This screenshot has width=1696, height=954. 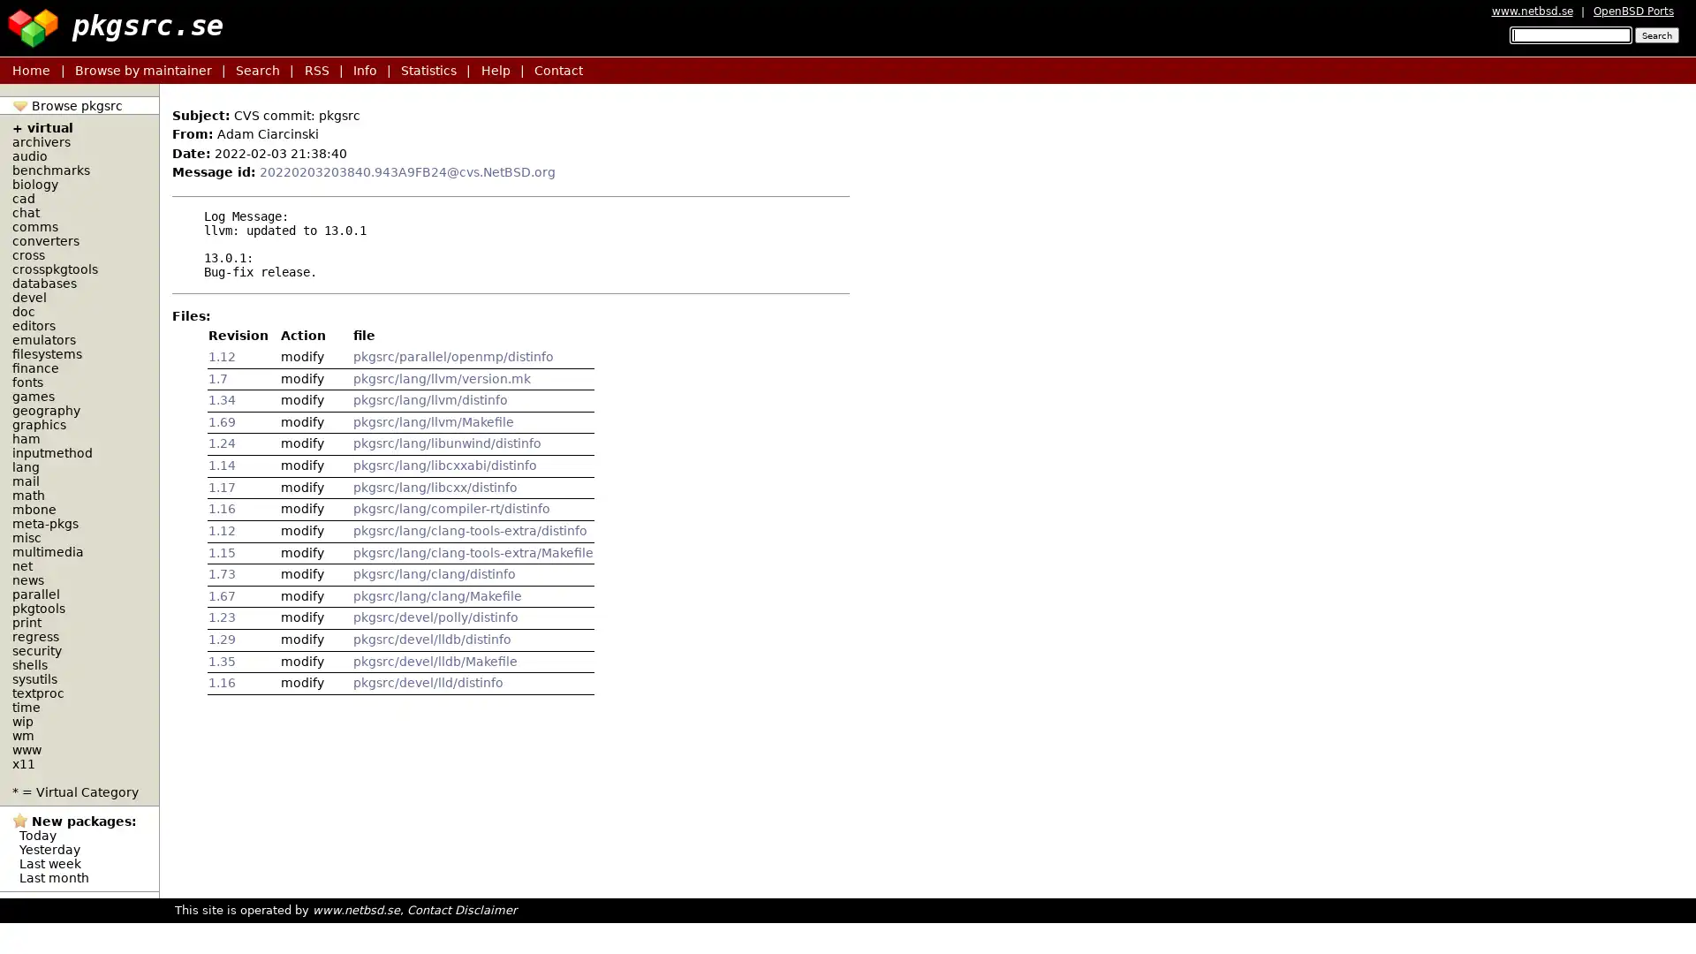 What do you see at coordinates (1655, 34) in the screenshot?
I see `Search` at bounding box center [1655, 34].